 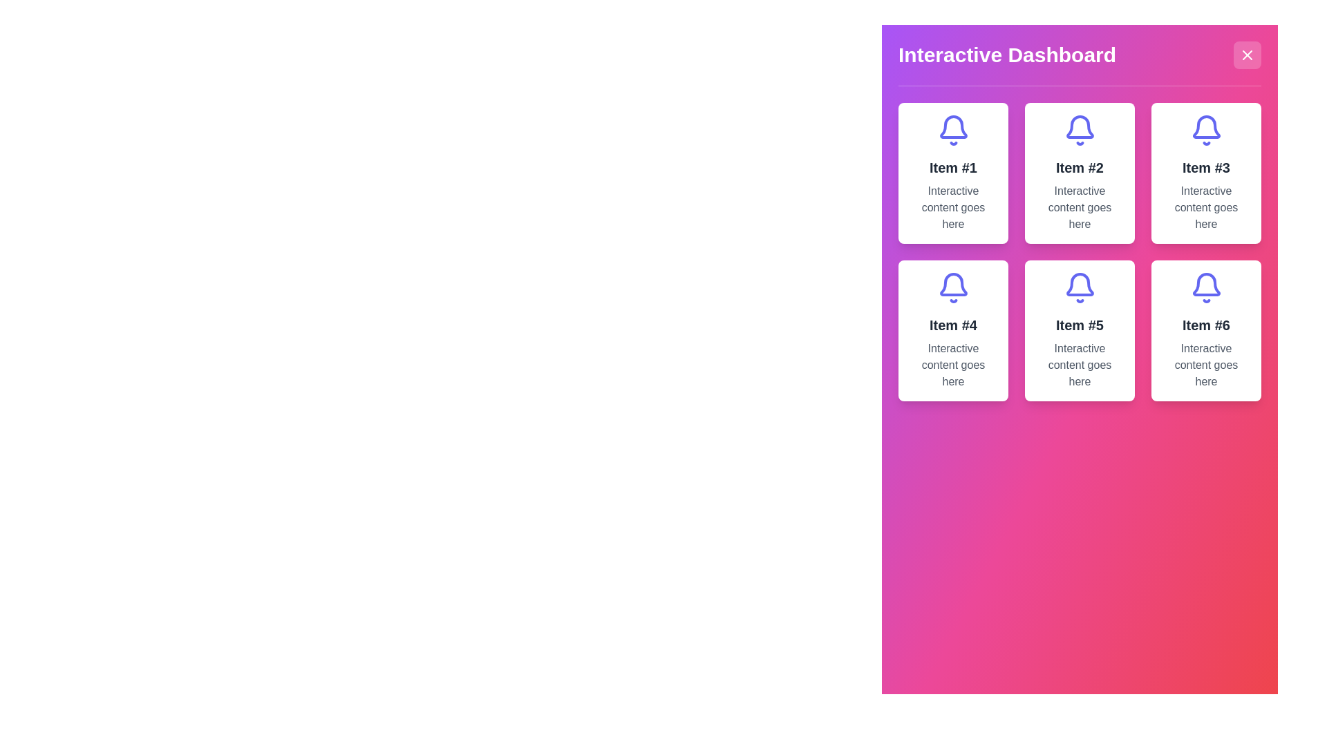 I want to click on descriptive text label located within the card labeled 'Item #6', positioned at the bottom-right corner of the grid layout, directly under the title text 'Item #6', so click(x=1205, y=364).